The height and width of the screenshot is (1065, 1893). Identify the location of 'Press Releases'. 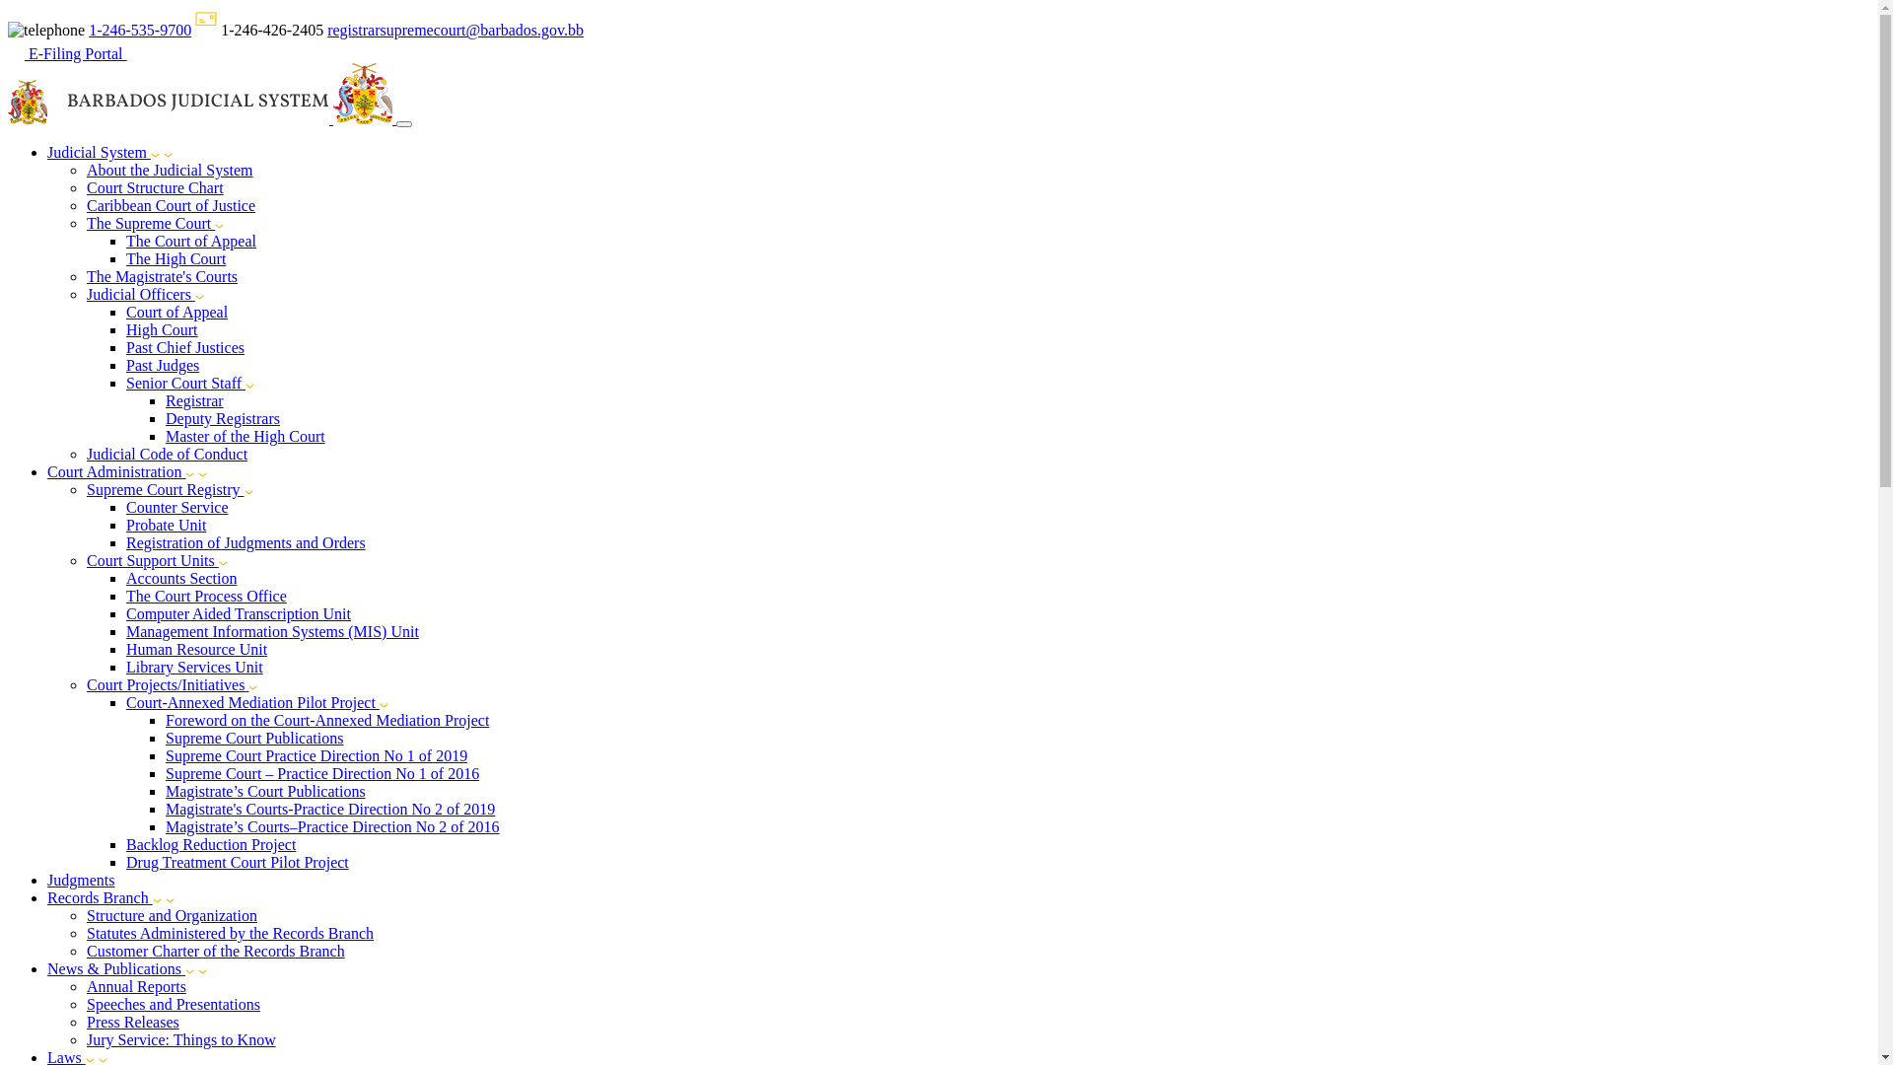
(131, 1021).